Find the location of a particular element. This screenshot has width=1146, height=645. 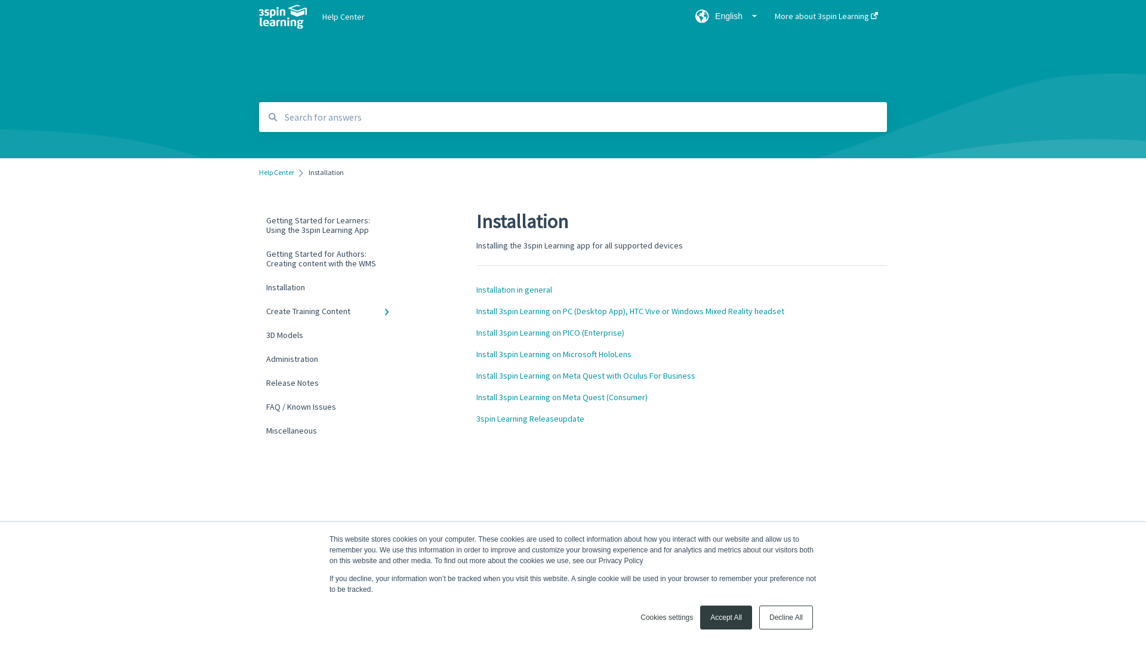

'Cookies settings' is located at coordinates (666, 617).